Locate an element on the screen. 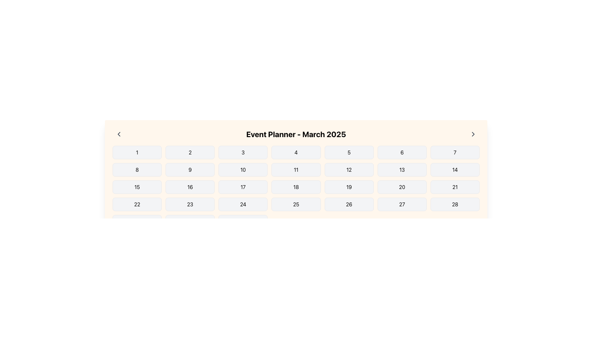 The width and height of the screenshot is (616, 346). the calendar day button labeled '6' within the date selector interface is located at coordinates (402, 152).